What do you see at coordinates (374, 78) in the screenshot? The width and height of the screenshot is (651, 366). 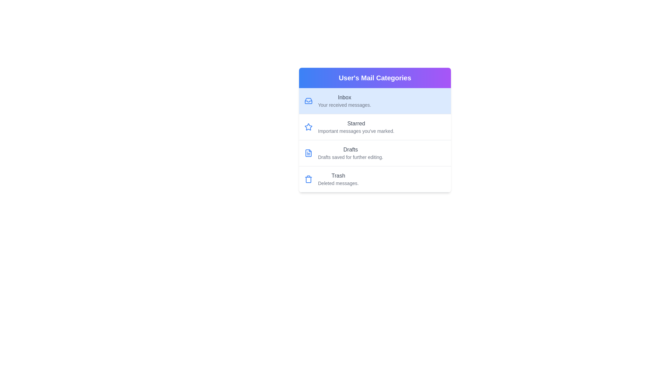 I see `the header text of the EnhancedListView component` at bounding box center [374, 78].